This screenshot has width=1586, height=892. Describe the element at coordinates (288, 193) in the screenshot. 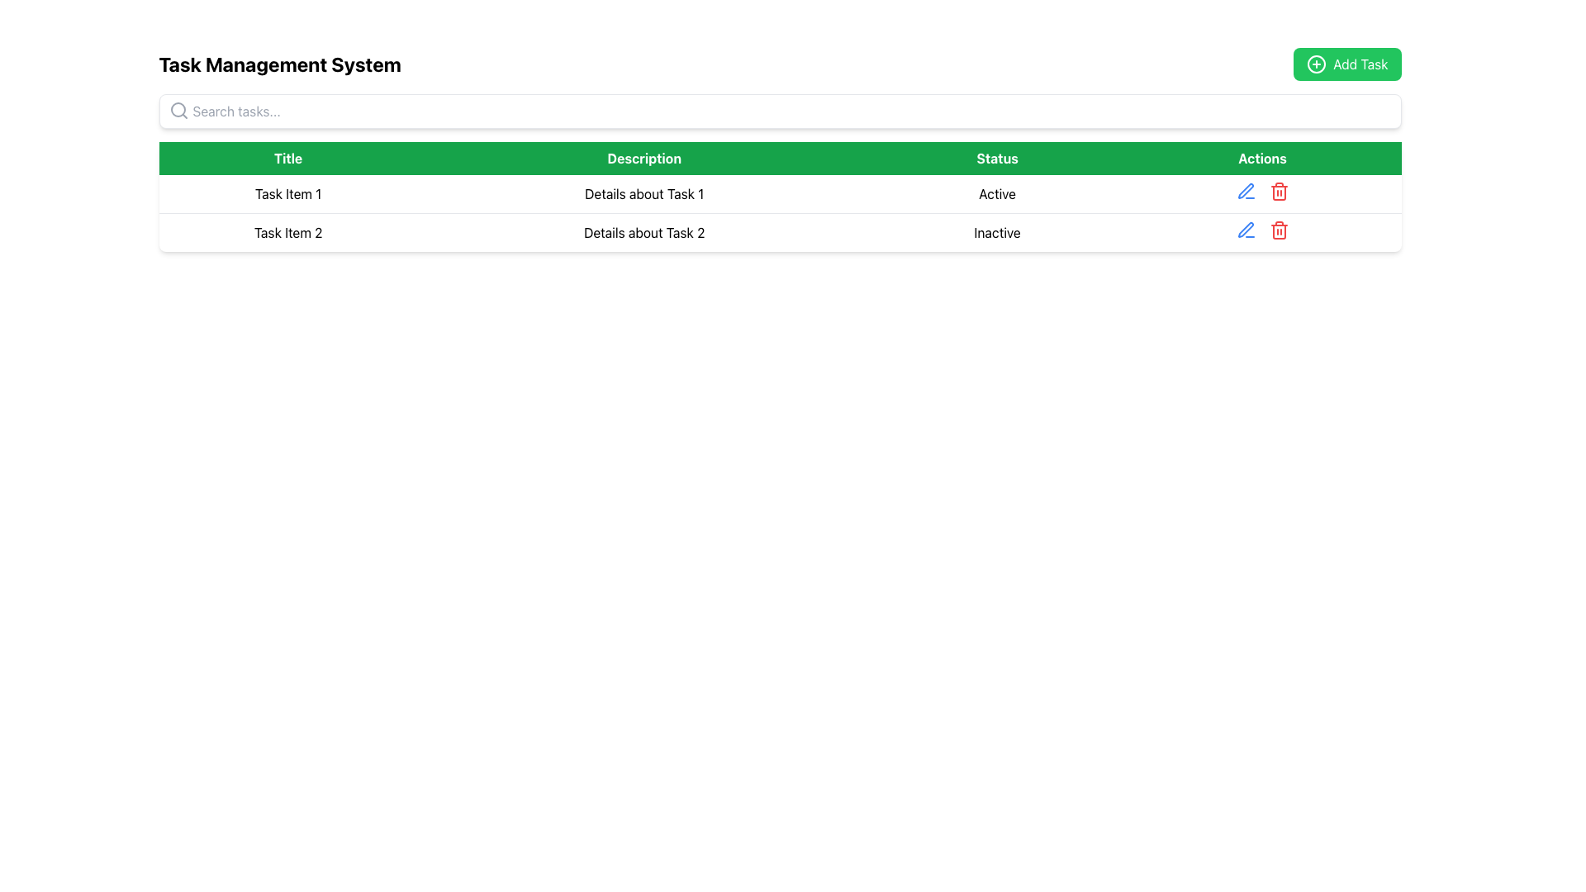

I see `the title text label of a task in the task management system, which is located under the 'Title' column, above 'Task Item 2', and to the left of 'Details about Task 1'` at that location.